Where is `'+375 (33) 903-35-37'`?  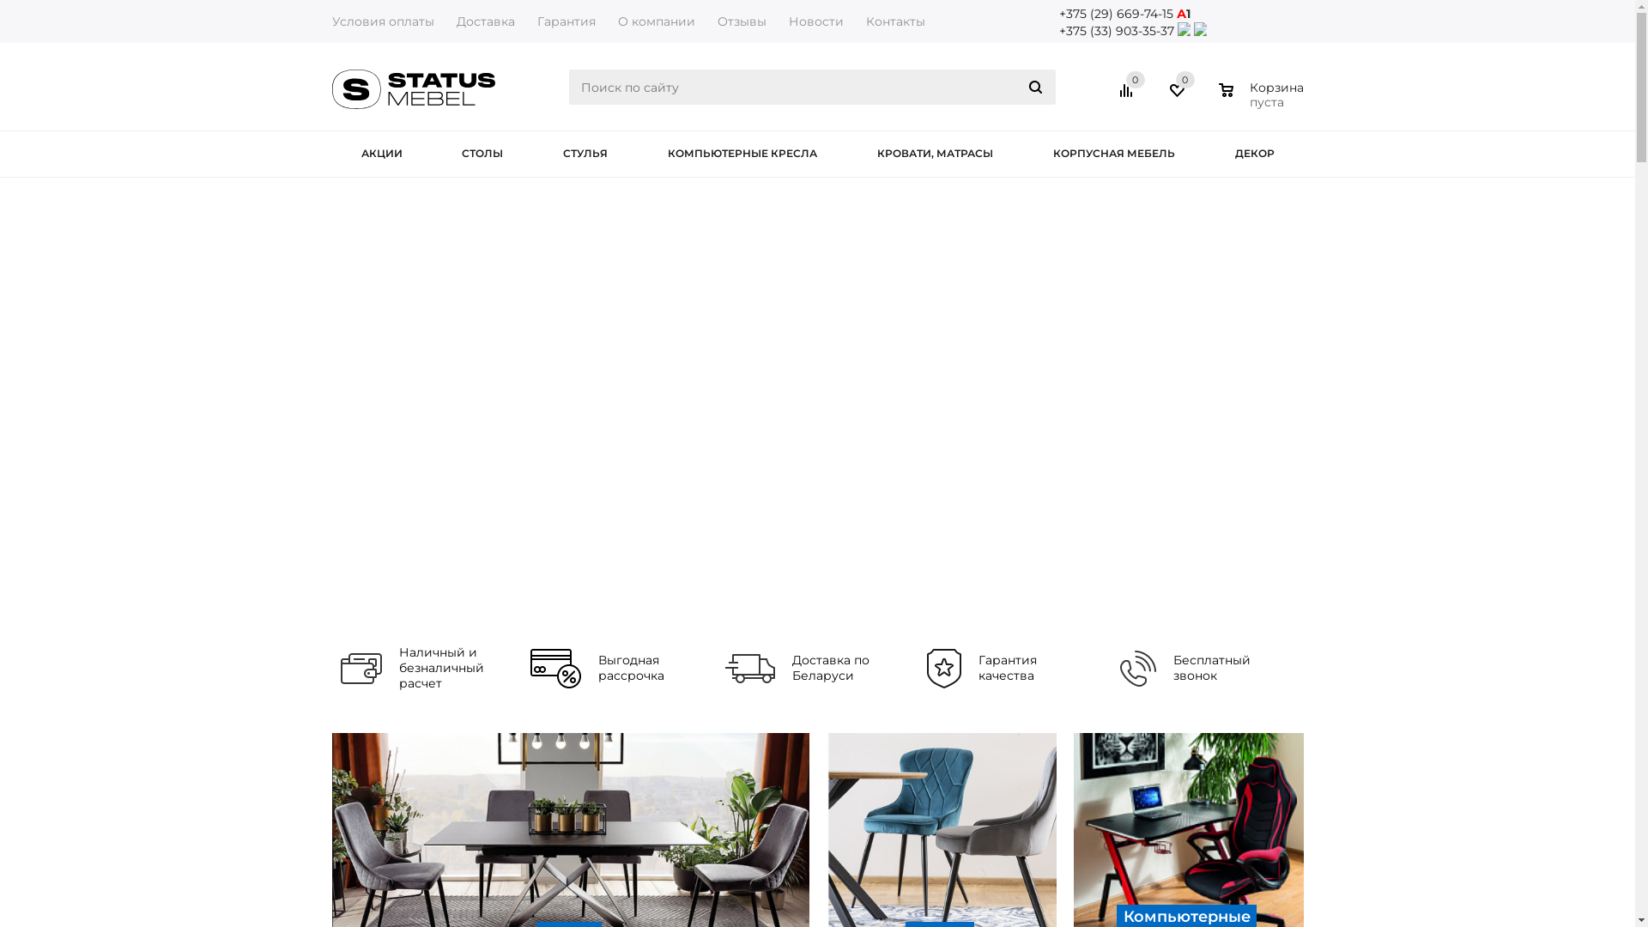 '+375 (33) 903-35-37' is located at coordinates (1116, 30).